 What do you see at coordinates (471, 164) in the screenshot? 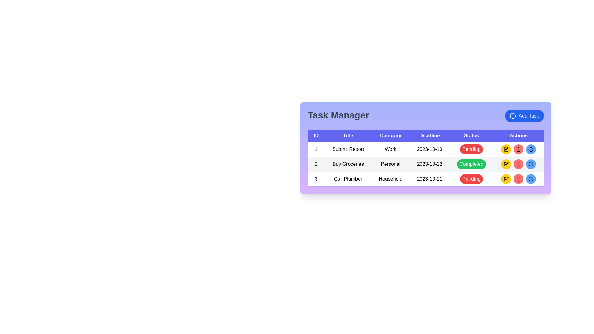
I see `the completion status button located in the 'Status' column of the second row in the 'Task Manager' table, which is positioned between the 'Deadline' and 'Actions' columns` at bounding box center [471, 164].